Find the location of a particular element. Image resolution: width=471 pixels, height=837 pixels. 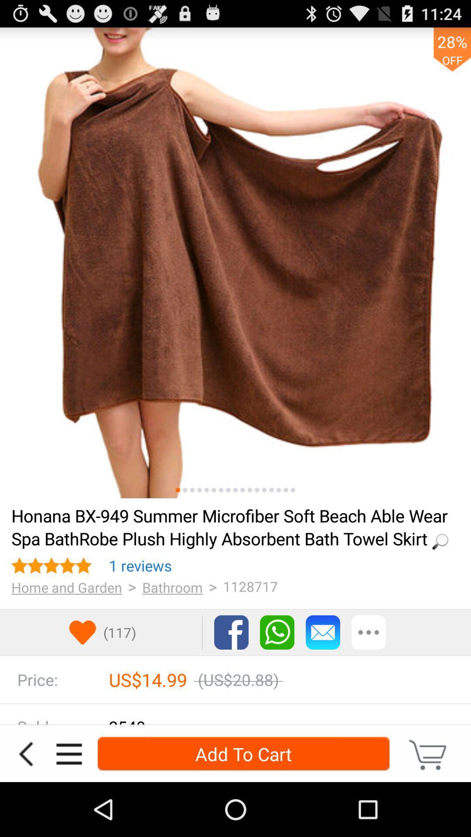

the item above the loading... is located at coordinates (271, 490).